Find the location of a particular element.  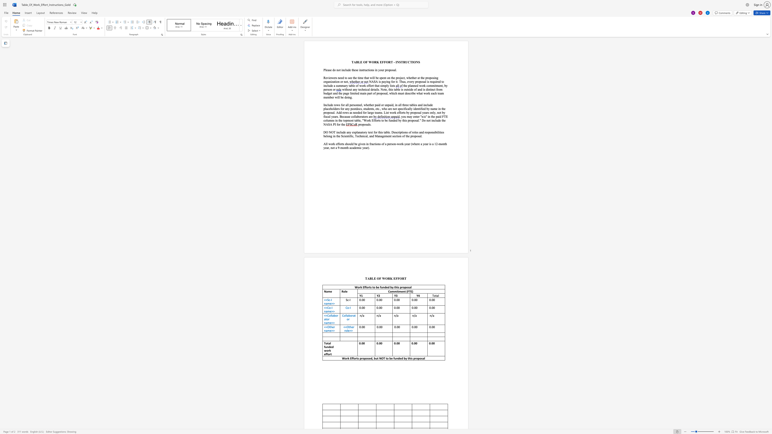

the 1th character "p" in the text is located at coordinates (359, 124).